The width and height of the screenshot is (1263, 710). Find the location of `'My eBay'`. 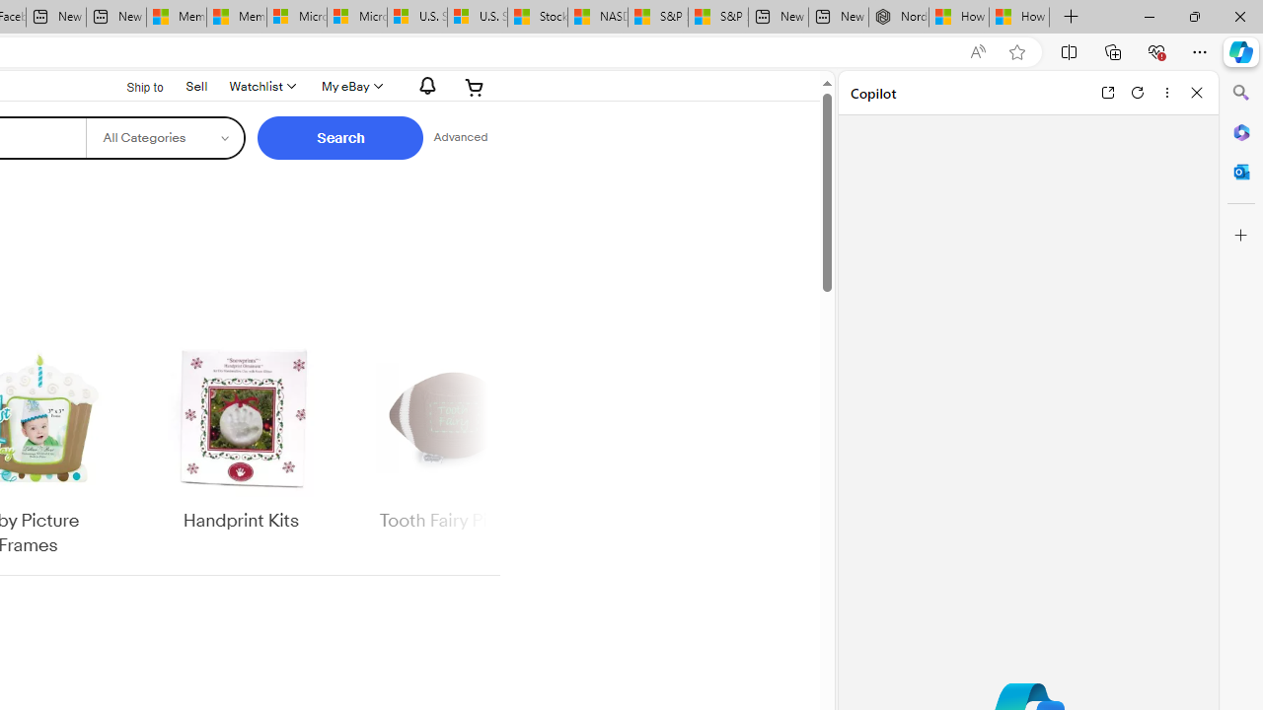

'My eBay' is located at coordinates (350, 86).